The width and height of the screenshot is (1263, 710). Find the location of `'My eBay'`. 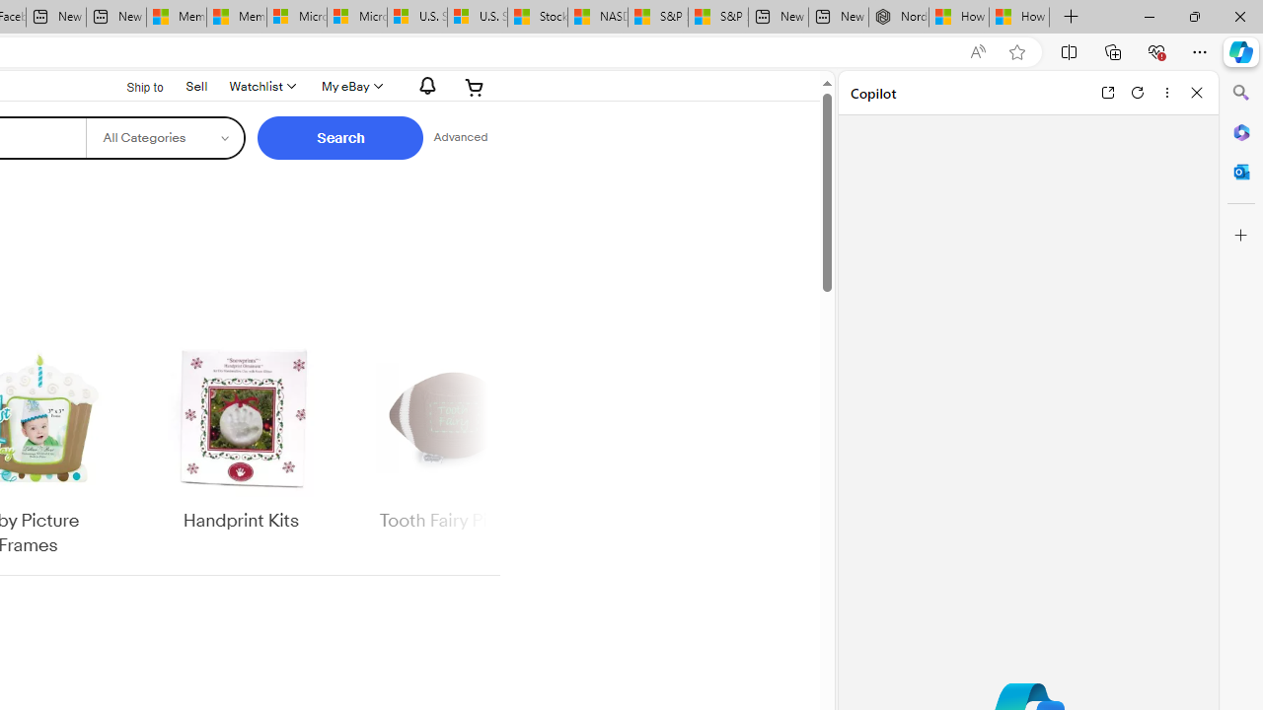

'My eBay' is located at coordinates (350, 86).